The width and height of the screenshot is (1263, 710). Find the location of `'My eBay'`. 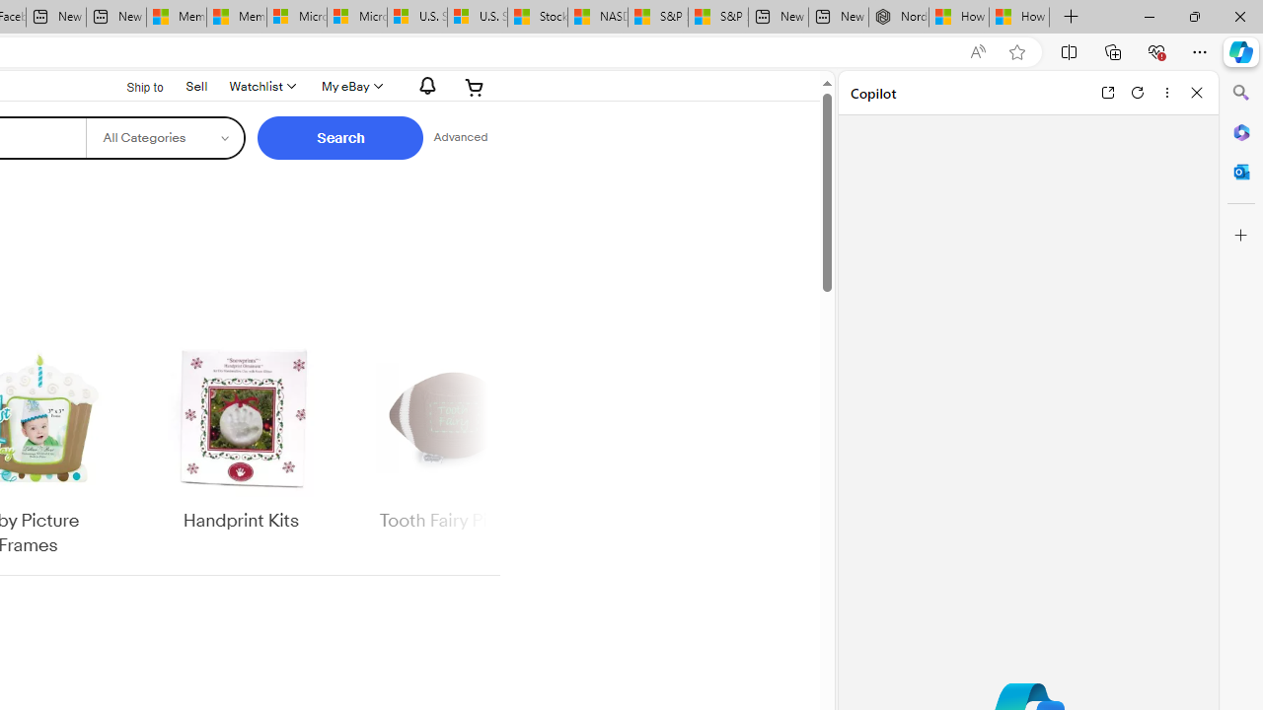

'My eBay' is located at coordinates (350, 86).